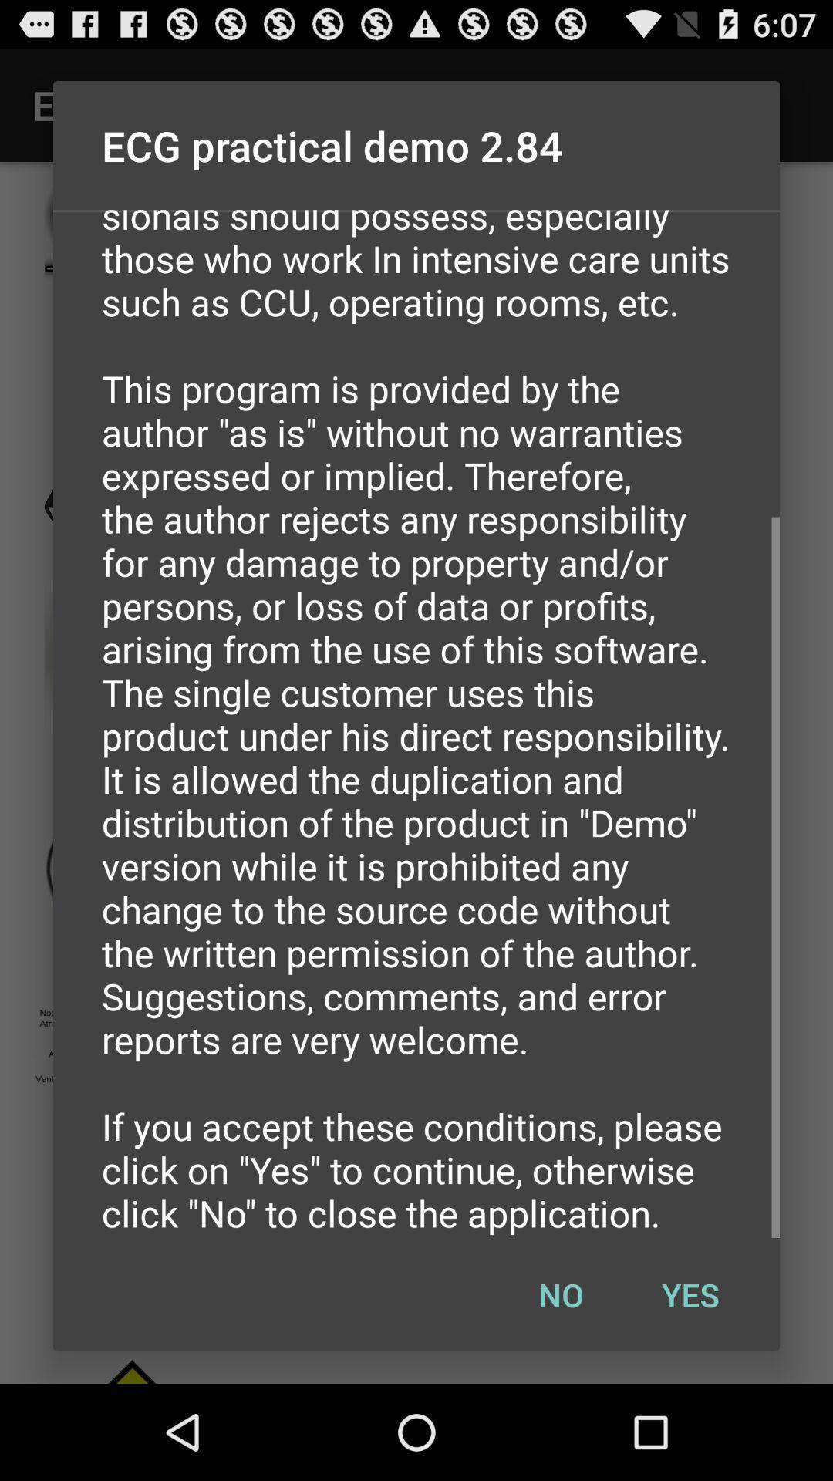  Describe the element at coordinates (690, 1294) in the screenshot. I see `the item below the kapelis aristidis 2014` at that location.